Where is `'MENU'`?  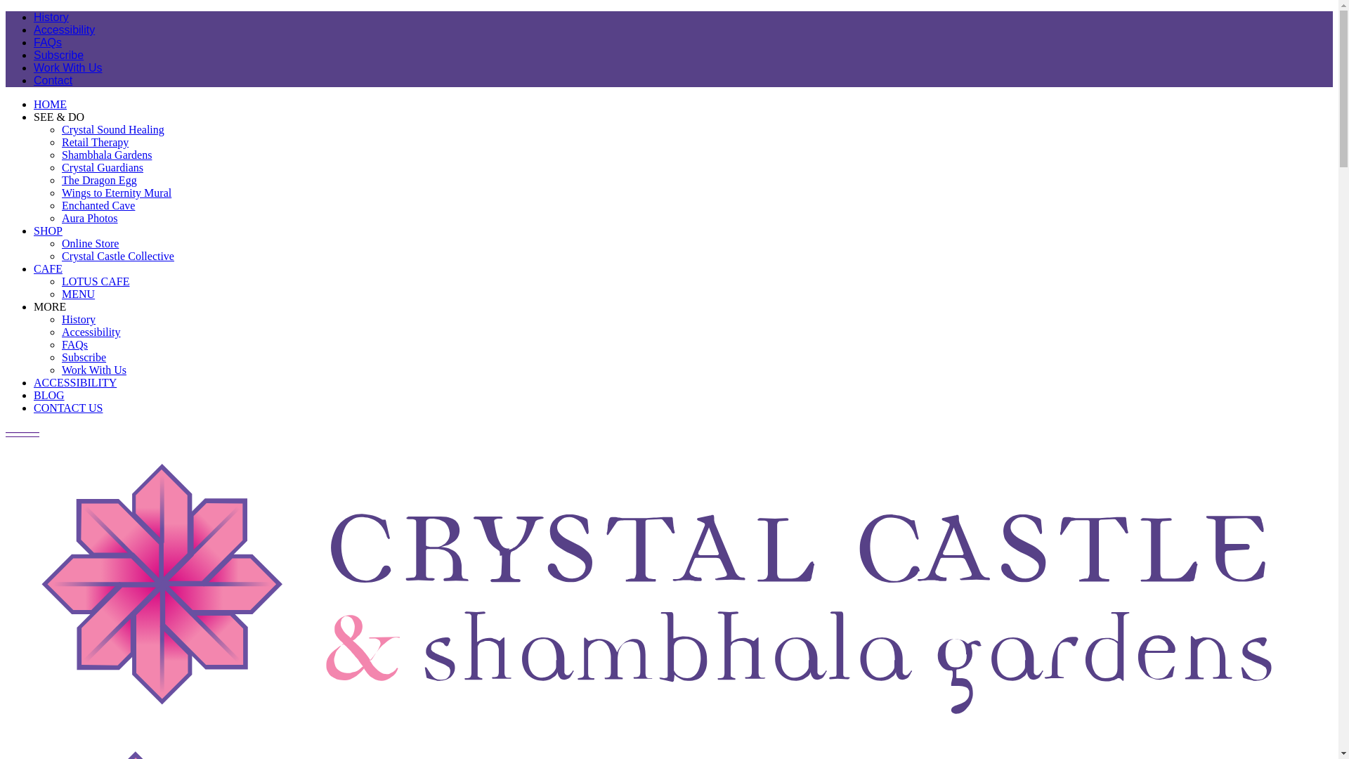
'MENU' is located at coordinates (60, 293).